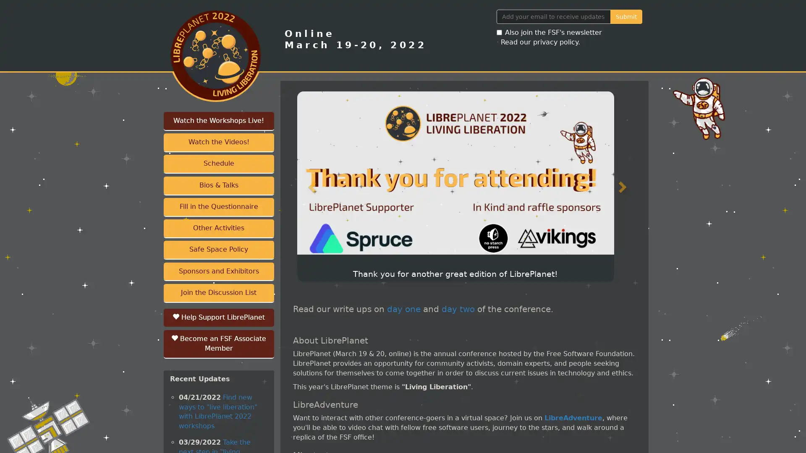  Describe the element at coordinates (626, 16) in the screenshot. I see `Submit` at that location.